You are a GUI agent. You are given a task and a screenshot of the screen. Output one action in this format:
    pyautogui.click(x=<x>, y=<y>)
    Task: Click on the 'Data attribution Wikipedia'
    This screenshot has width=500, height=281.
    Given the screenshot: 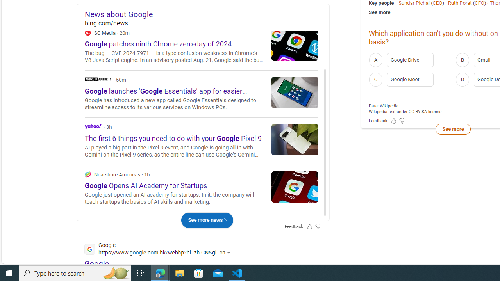 What is the action you would take?
    pyautogui.click(x=389, y=106)
    